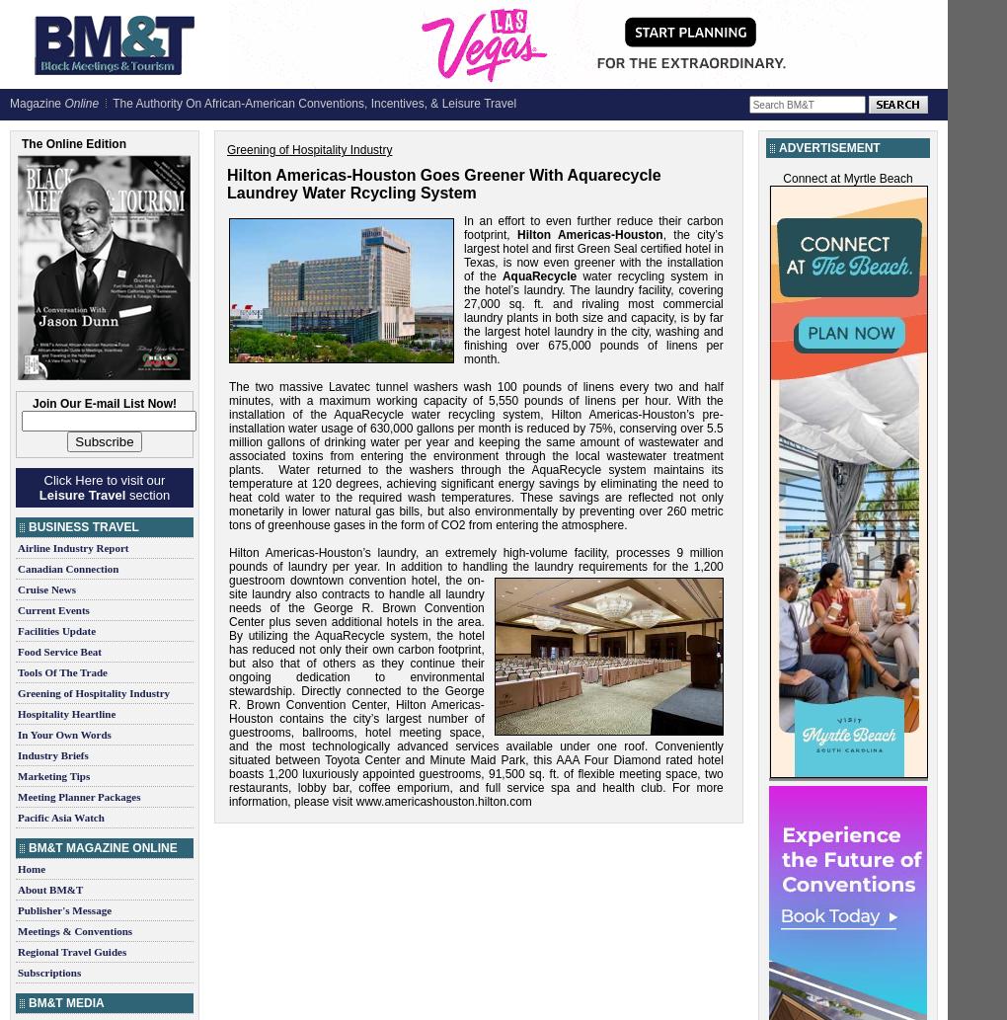  Describe the element at coordinates (66, 1001) in the screenshot. I see `'BM&T Media'` at that location.